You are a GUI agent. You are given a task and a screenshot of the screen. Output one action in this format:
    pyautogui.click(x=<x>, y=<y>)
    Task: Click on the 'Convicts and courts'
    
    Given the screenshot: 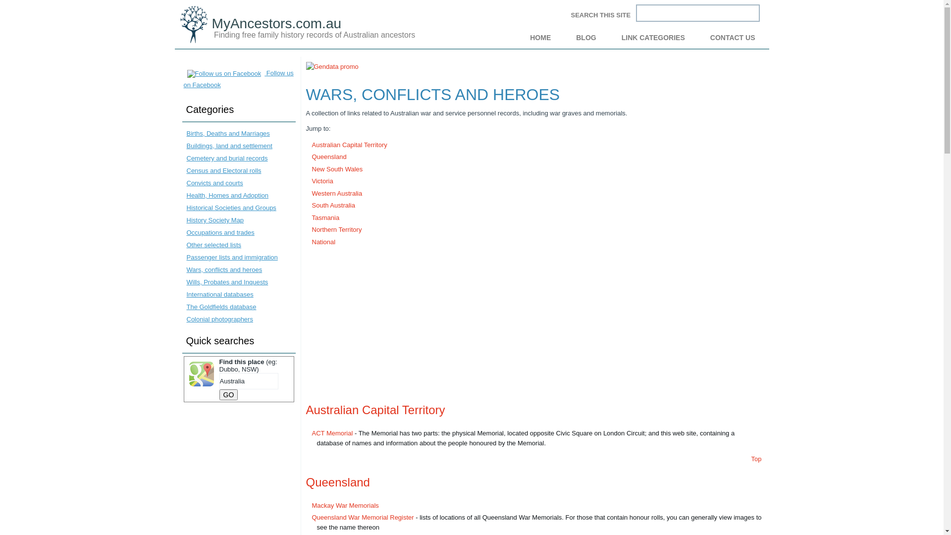 What is the action you would take?
    pyautogui.click(x=213, y=183)
    